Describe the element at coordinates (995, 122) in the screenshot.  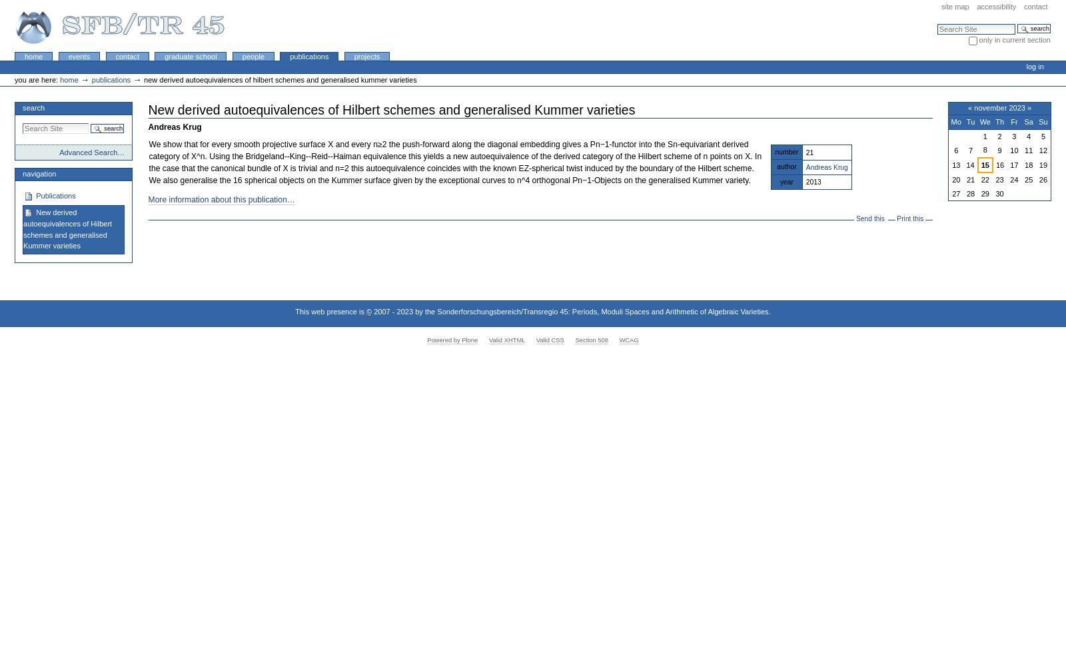
I see `'Th'` at that location.